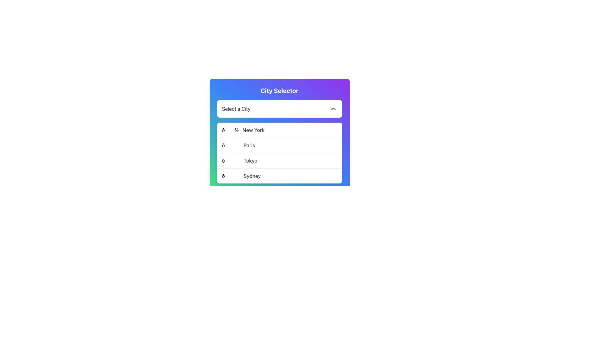 The height and width of the screenshot is (337, 600). What do you see at coordinates (231, 176) in the screenshot?
I see `the decorative glyph representing the 'Sydney' city entry in the dropdown menu, located at the bottom of the list and aligned to the left` at bounding box center [231, 176].